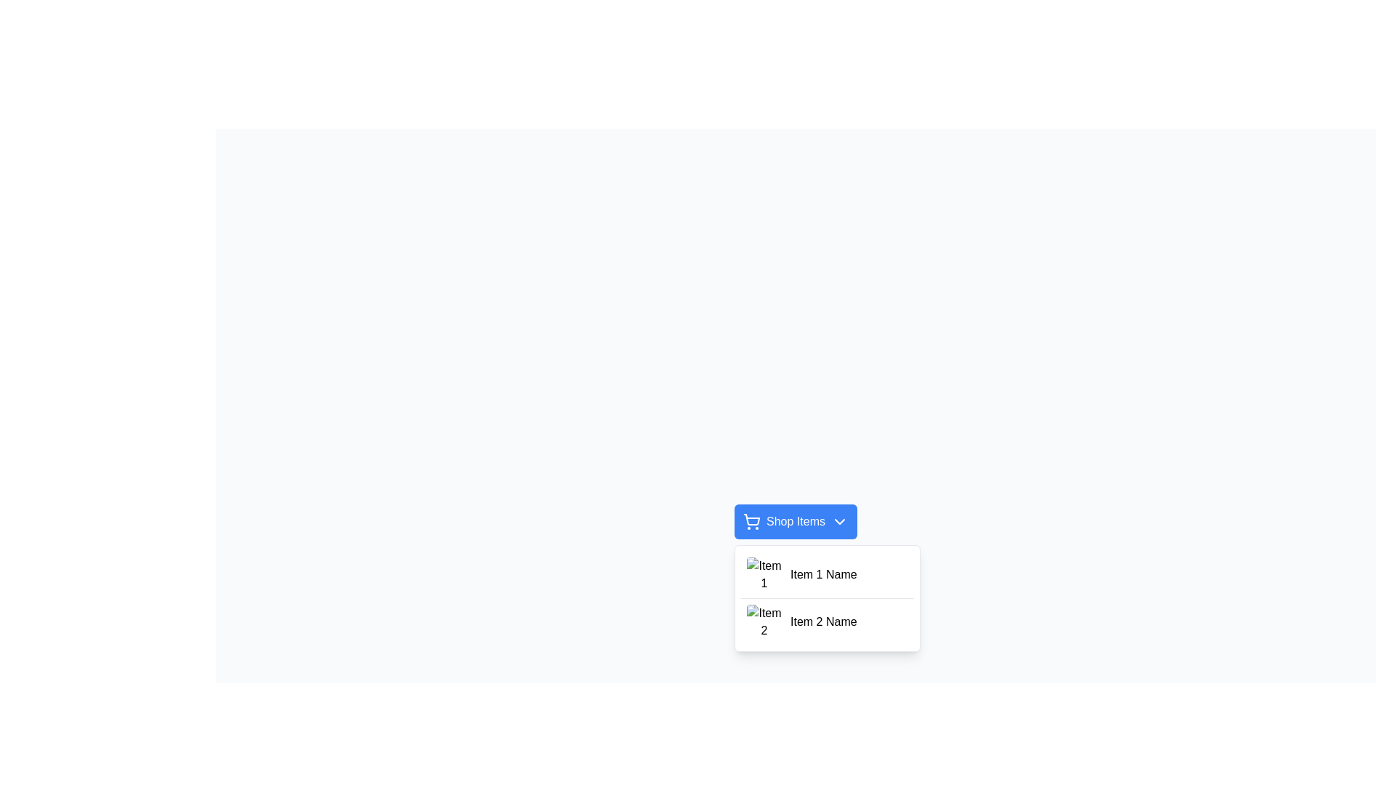  I want to click on the shopping cart icon, which is located to the left of the 'Shop Items' button and adjacent to a chevron-down icon, so click(752, 520).